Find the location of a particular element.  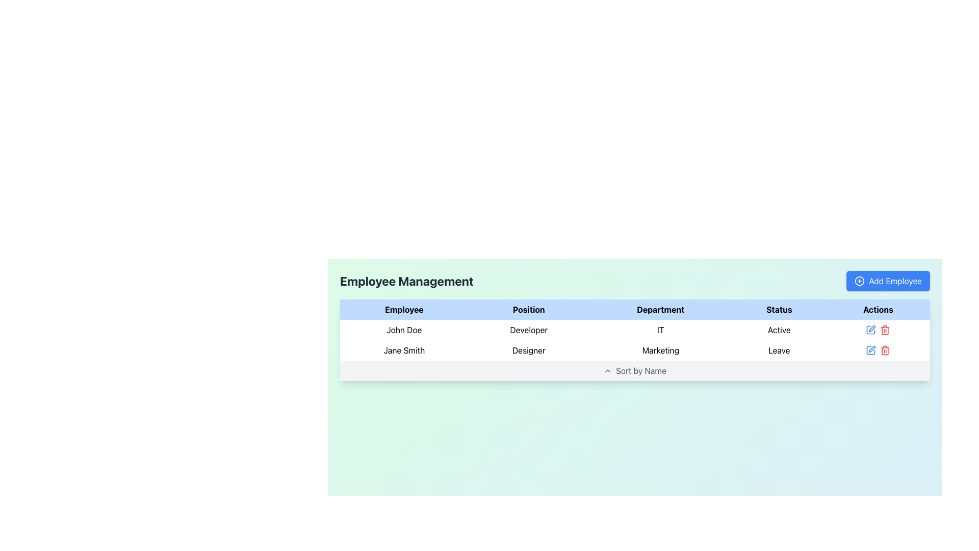

the editing icon for the employee named Jane Smith in the 'Actions' column of the Employee Management table is located at coordinates (871, 329).